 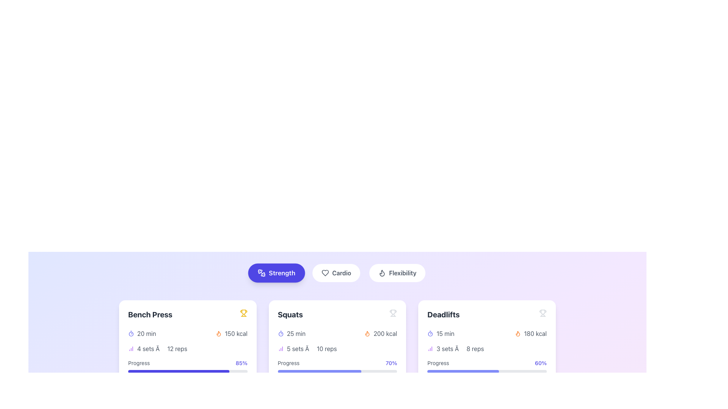 What do you see at coordinates (312, 349) in the screenshot?
I see `static text label displaying the exercise details for the number of sets and repetitions, located under the 'Strength' category, near the title 'Squats'` at bounding box center [312, 349].